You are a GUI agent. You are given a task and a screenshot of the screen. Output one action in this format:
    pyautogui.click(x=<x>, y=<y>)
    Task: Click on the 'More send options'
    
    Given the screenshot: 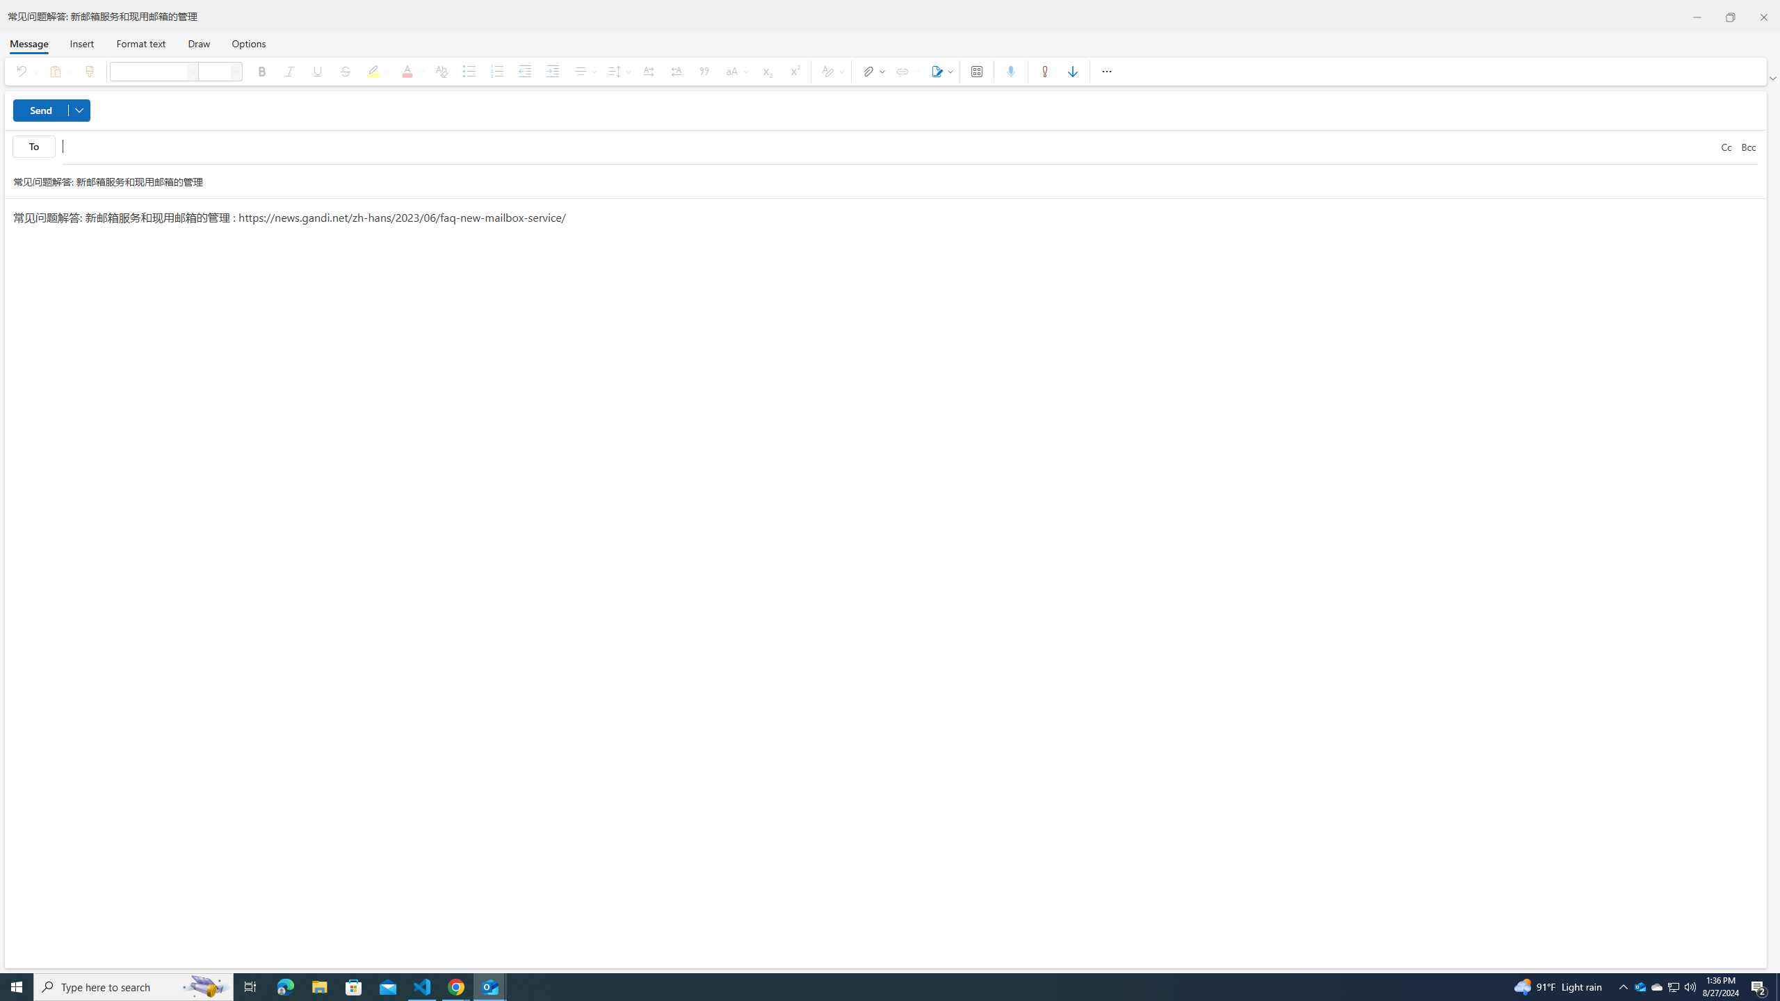 What is the action you would take?
    pyautogui.click(x=79, y=110)
    